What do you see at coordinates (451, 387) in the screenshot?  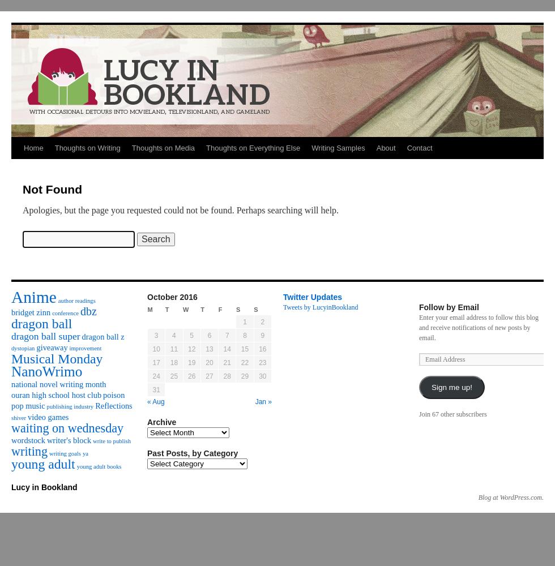 I see `'Sign me up!'` at bounding box center [451, 387].